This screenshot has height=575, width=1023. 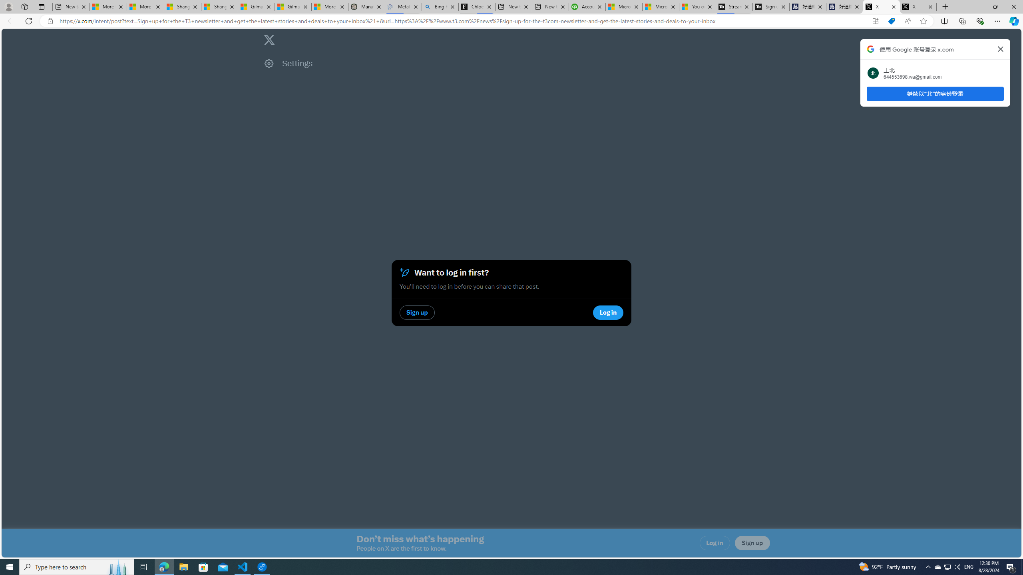 What do you see at coordinates (366, 6) in the screenshot?
I see `'Manatee Mortality Statistics | FWC'` at bounding box center [366, 6].